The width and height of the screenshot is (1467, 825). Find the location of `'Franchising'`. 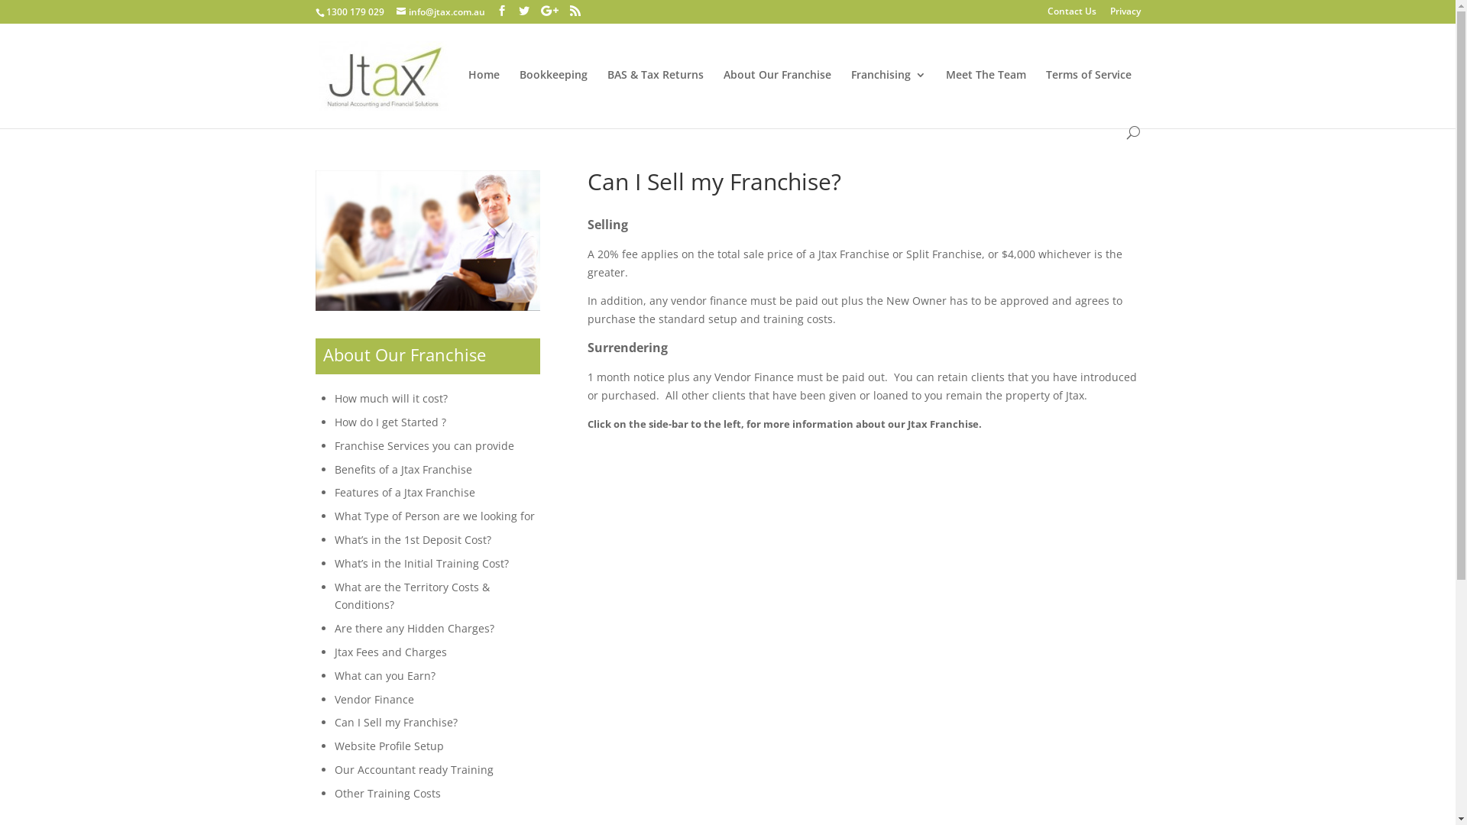

'Franchising' is located at coordinates (888, 97).